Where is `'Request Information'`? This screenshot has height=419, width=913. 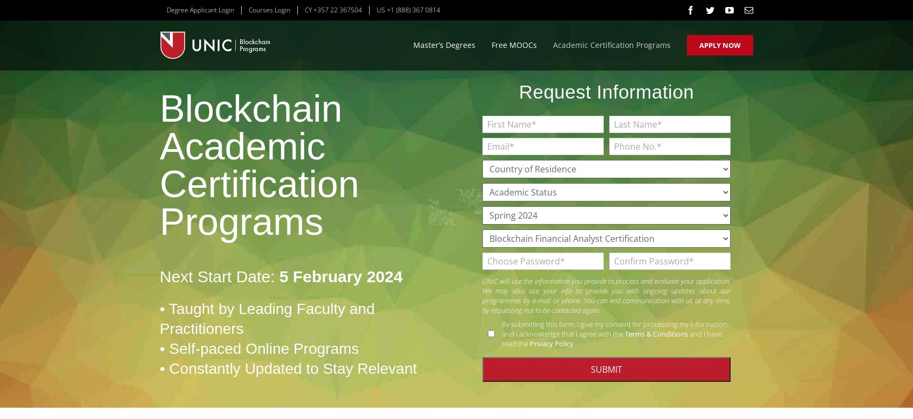 'Request Information' is located at coordinates (519, 92).